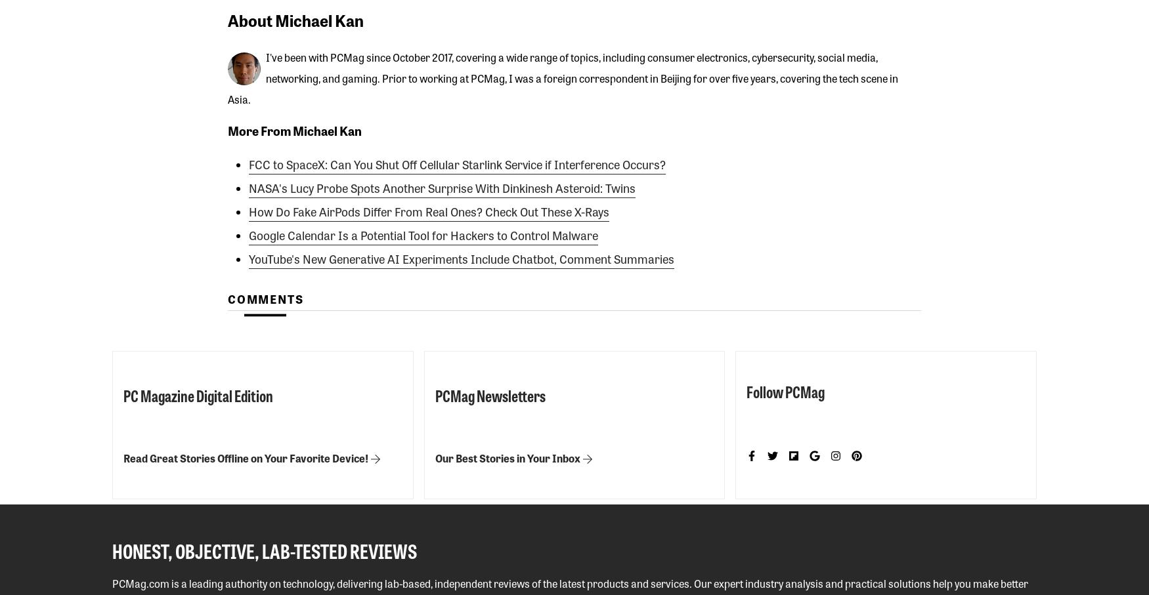 This screenshot has width=1149, height=595. Describe the element at coordinates (295, 130) in the screenshot. I see `'More From Michael Kan'` at that location.